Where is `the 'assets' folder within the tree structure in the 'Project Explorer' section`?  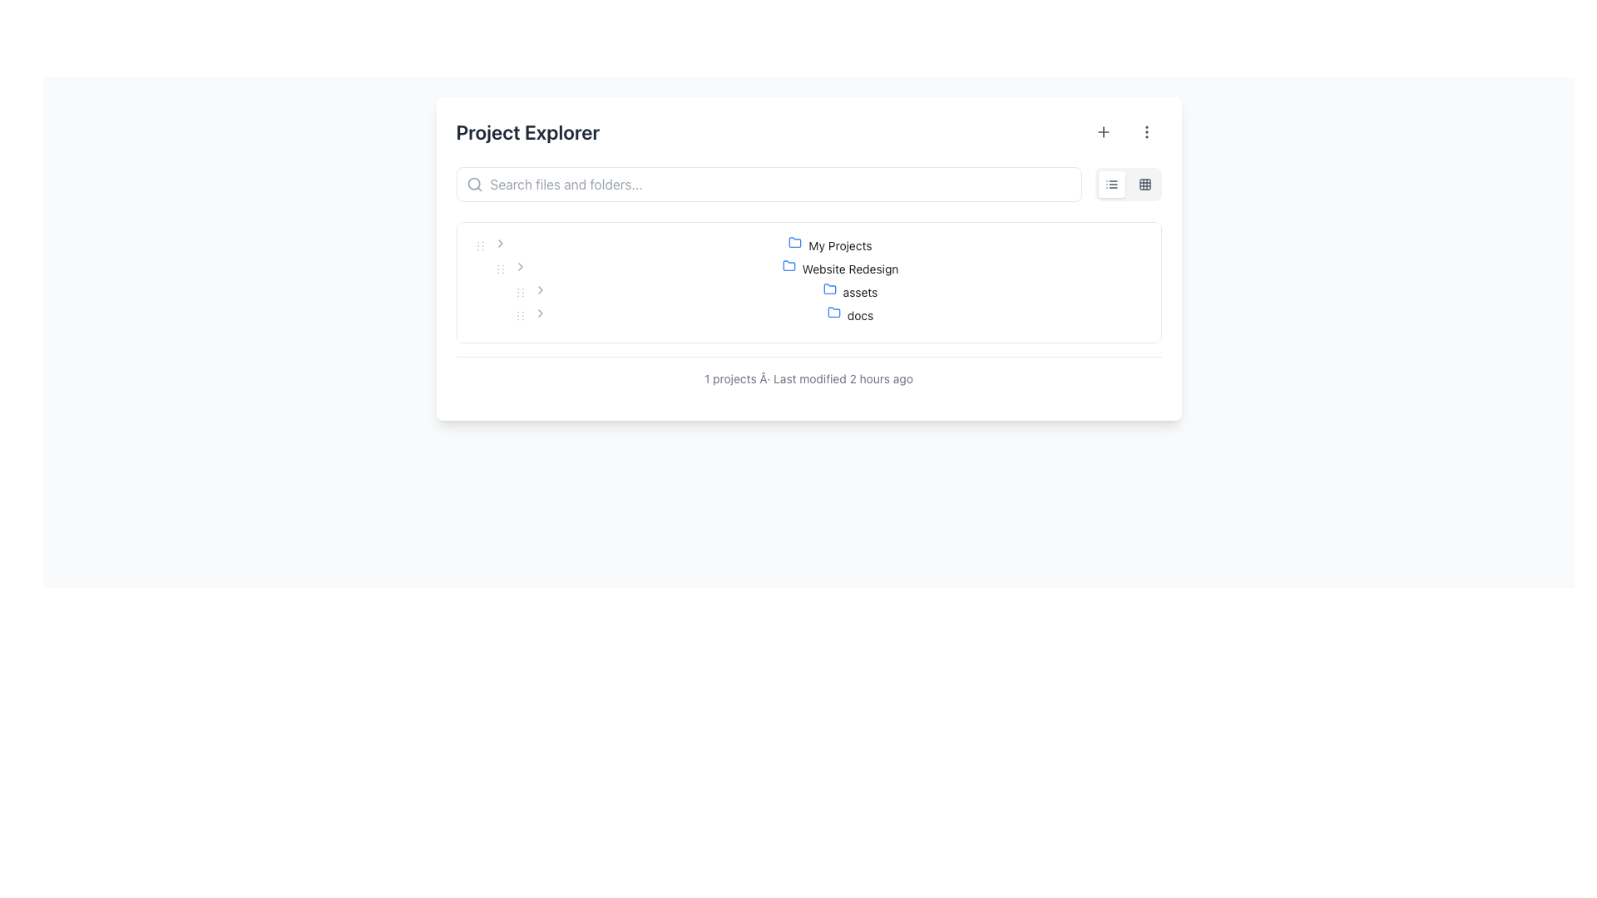 the 'assets' folder within the tree structure in the 'Project Explorer' section is located at coordinates (808, 281).